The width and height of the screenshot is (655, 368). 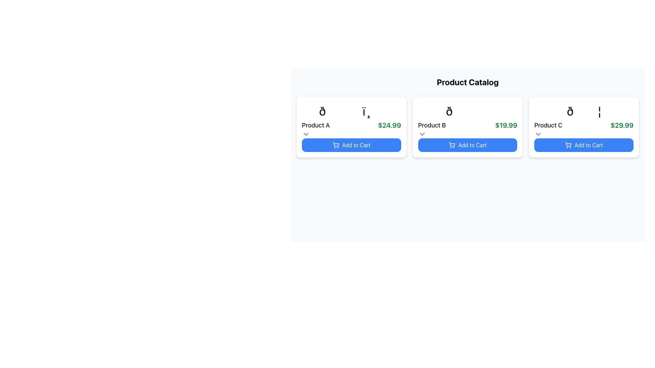 I want to click on the 'Add to Cart' icon located on the left side of the 'Add to Cart' button within the 'Product A' card, so click(x=336, y=144).